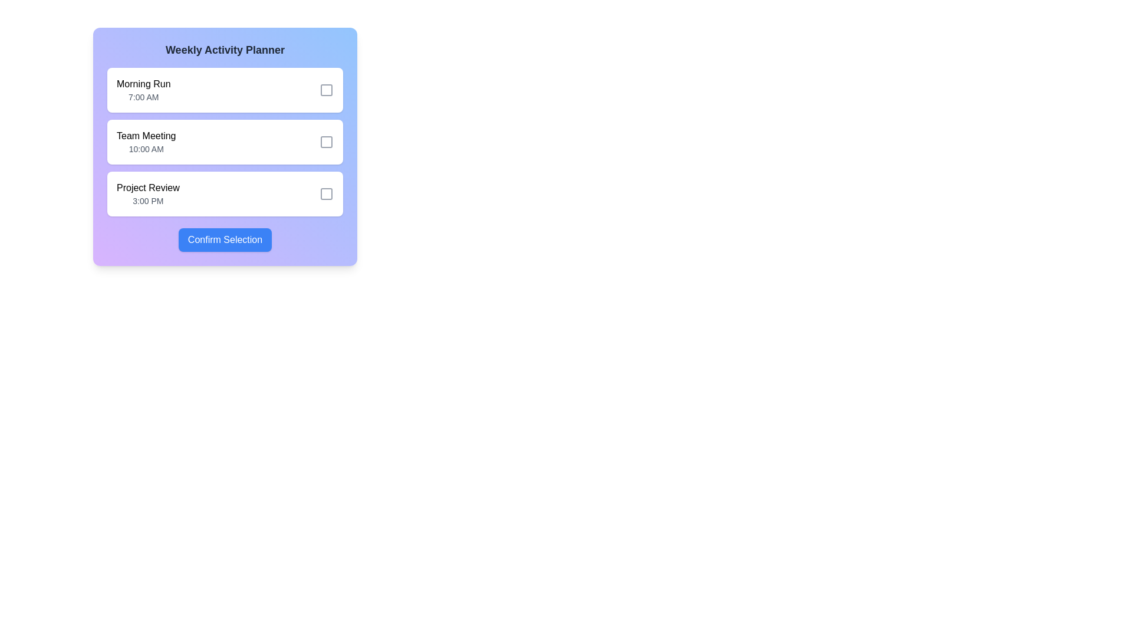 Image resolution: width=1132 pixels, height=637 pixels. Describe the element at coordinates (147, 188) in the screenshot. I see `the 'Project Review' text label which displays the title of a scheduled activity, located in the third row above the time slot '3:00 PM'` at that location.